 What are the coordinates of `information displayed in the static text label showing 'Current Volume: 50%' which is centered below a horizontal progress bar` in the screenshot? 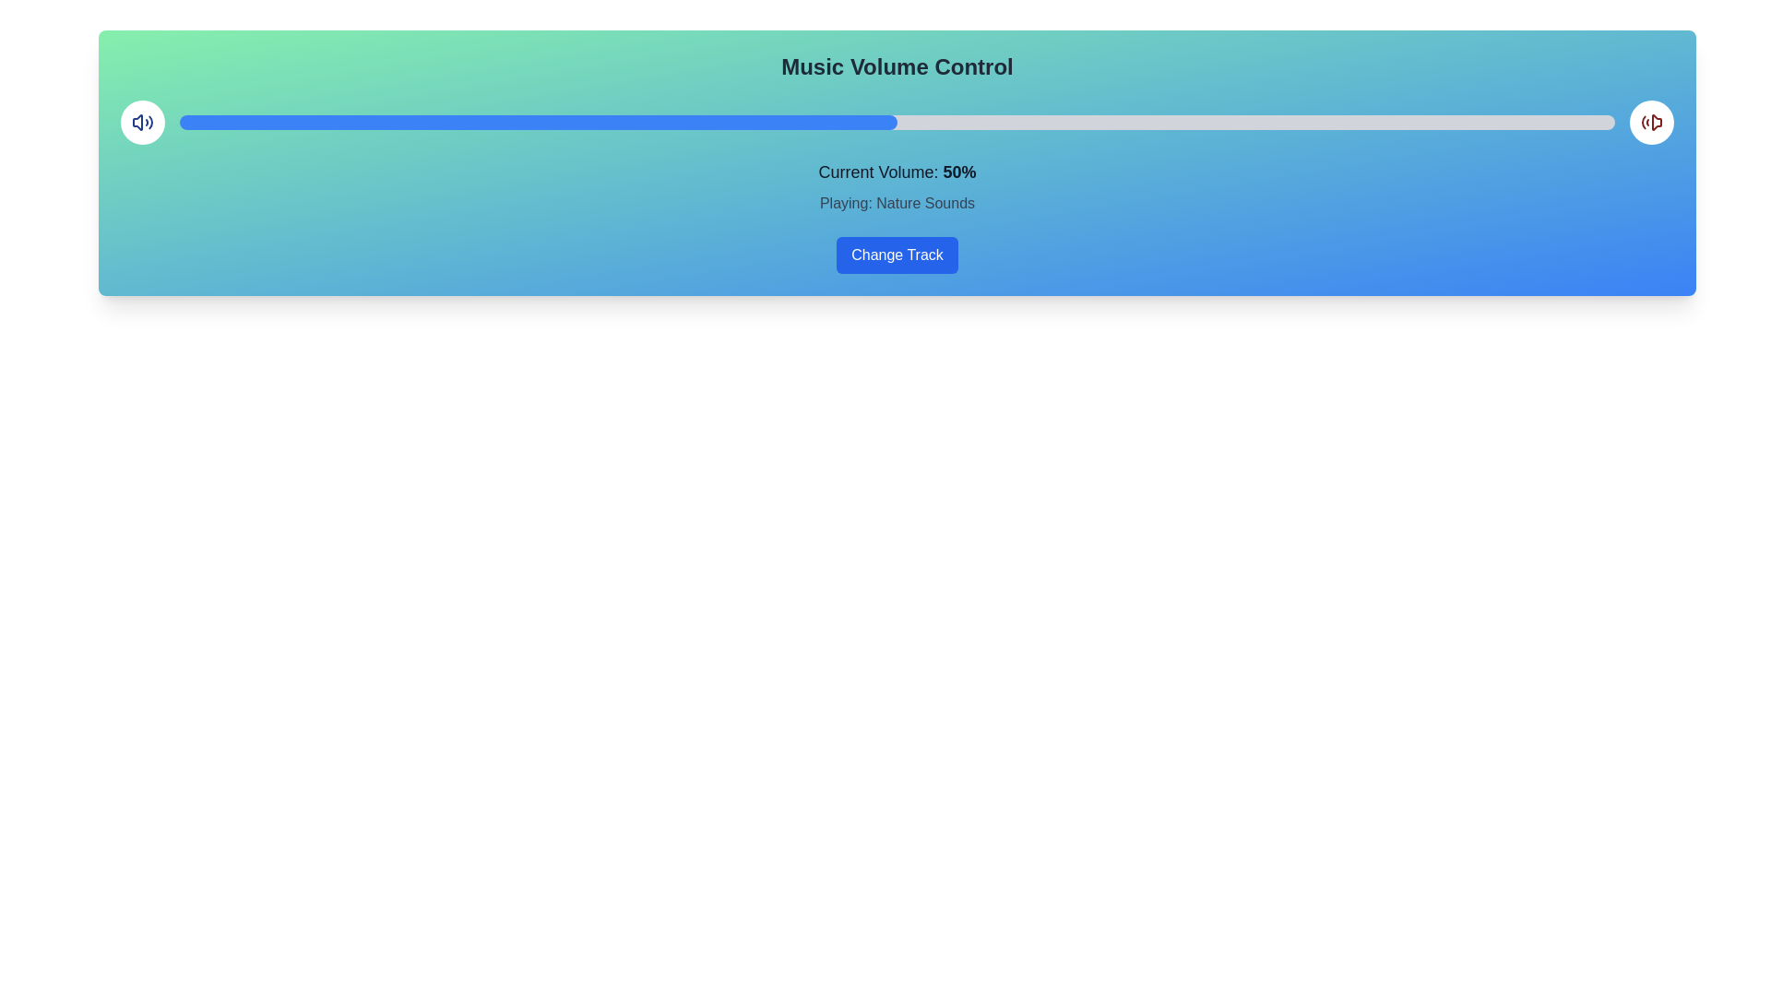 It's located at (897, 172).